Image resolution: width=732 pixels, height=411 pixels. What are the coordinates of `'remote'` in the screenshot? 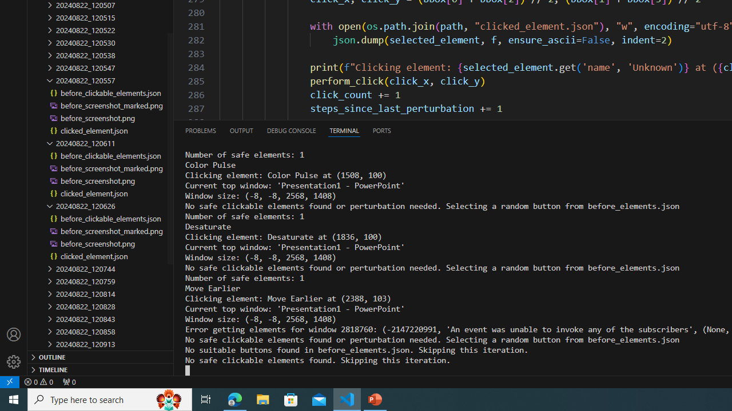 It's located at (10, 381).